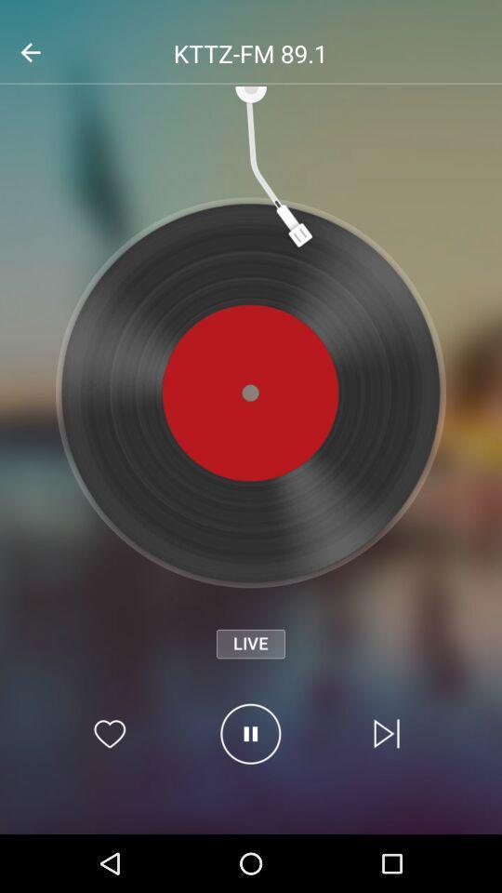 Image resolution: width=502 pixels, height=893 pixels. I want to click on the pause icon, so click(250, 734).